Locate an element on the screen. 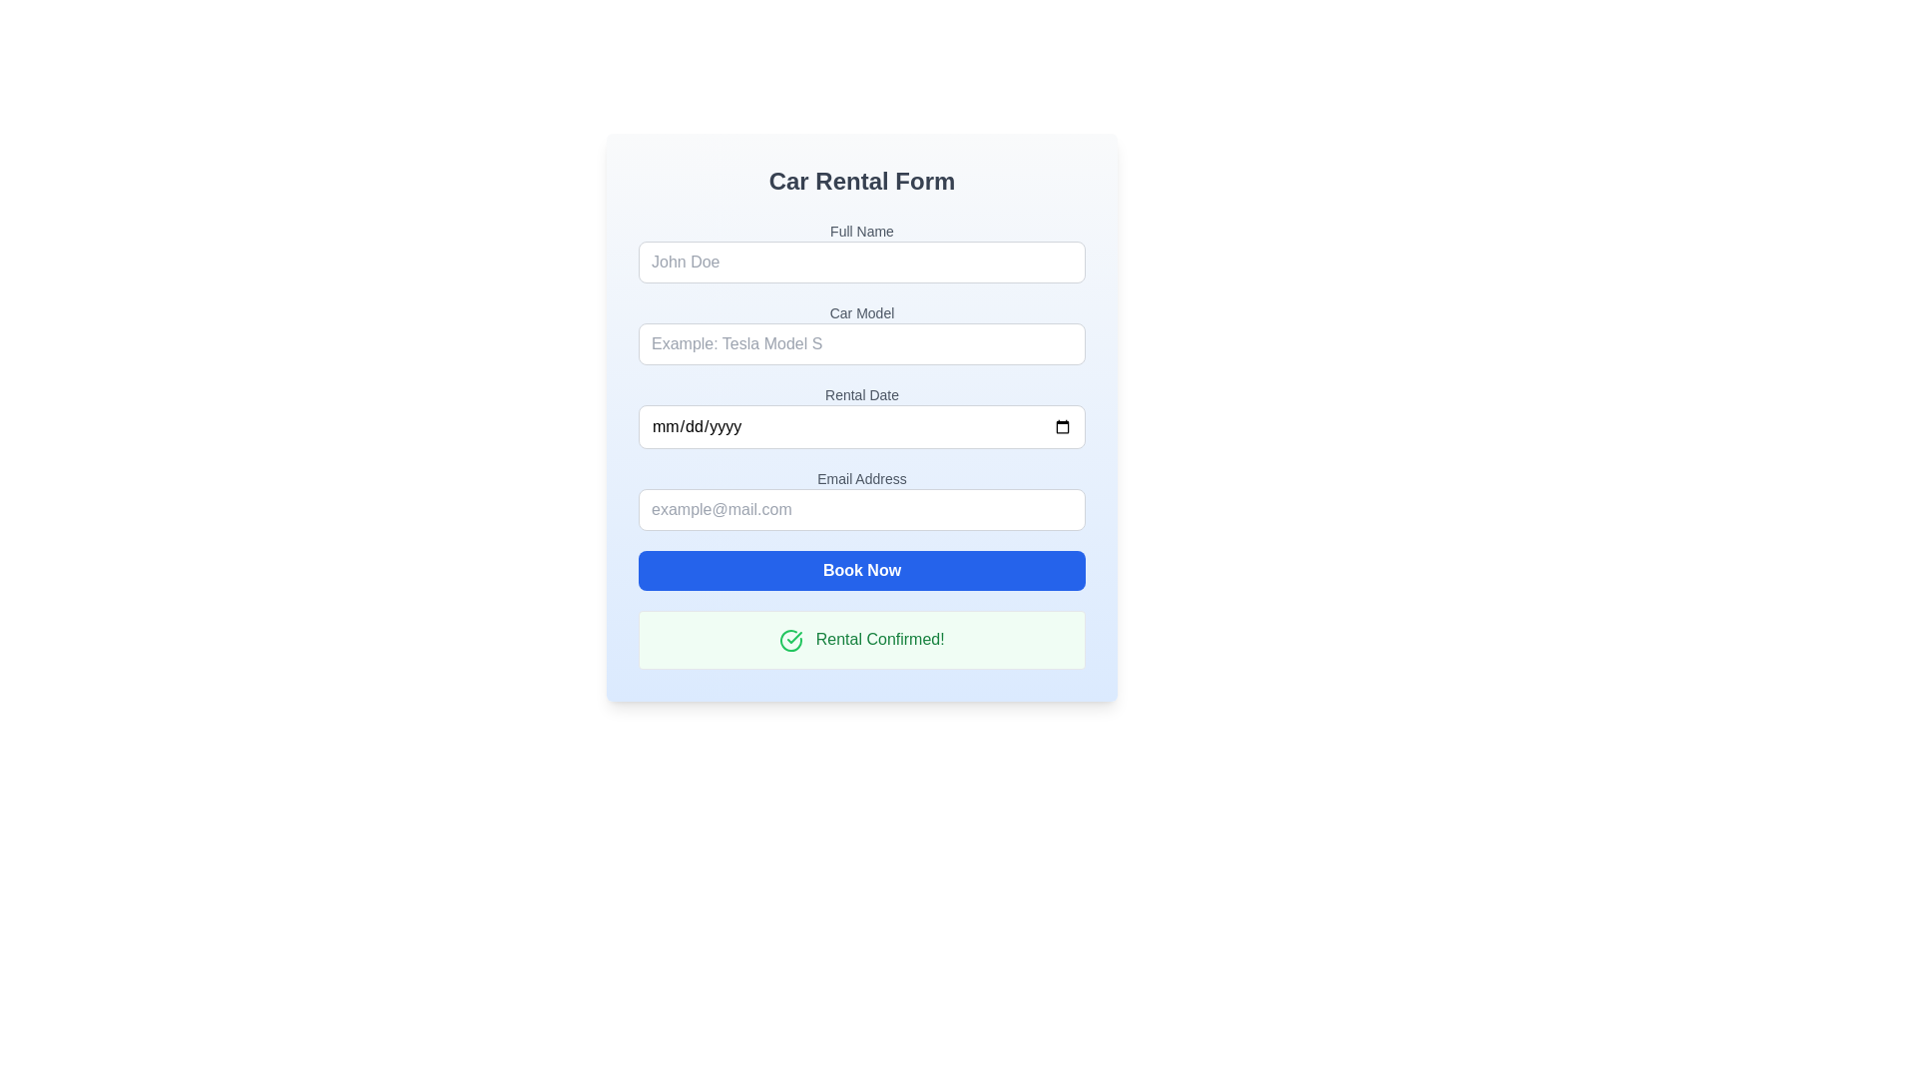 The image size is (1916, 1078). the text label displaying 'Rental Date', which is styled in a small grayish font and located above the 'mm/dd/yyyy' input field, directly below the 'Car Model' input field is located at coordinates (862, 395).